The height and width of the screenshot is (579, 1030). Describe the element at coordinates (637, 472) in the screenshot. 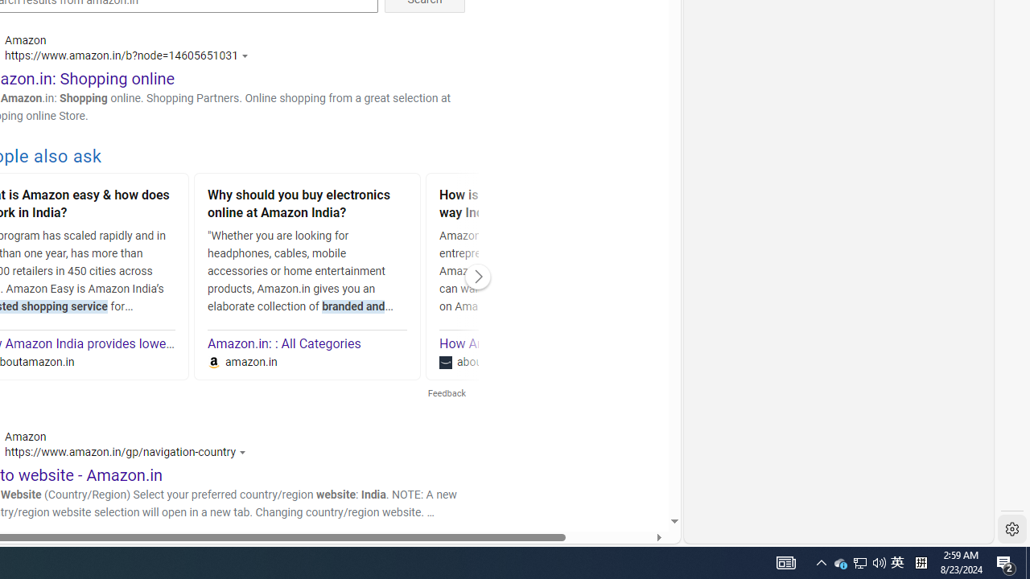

I see `'Search more'` at that location.